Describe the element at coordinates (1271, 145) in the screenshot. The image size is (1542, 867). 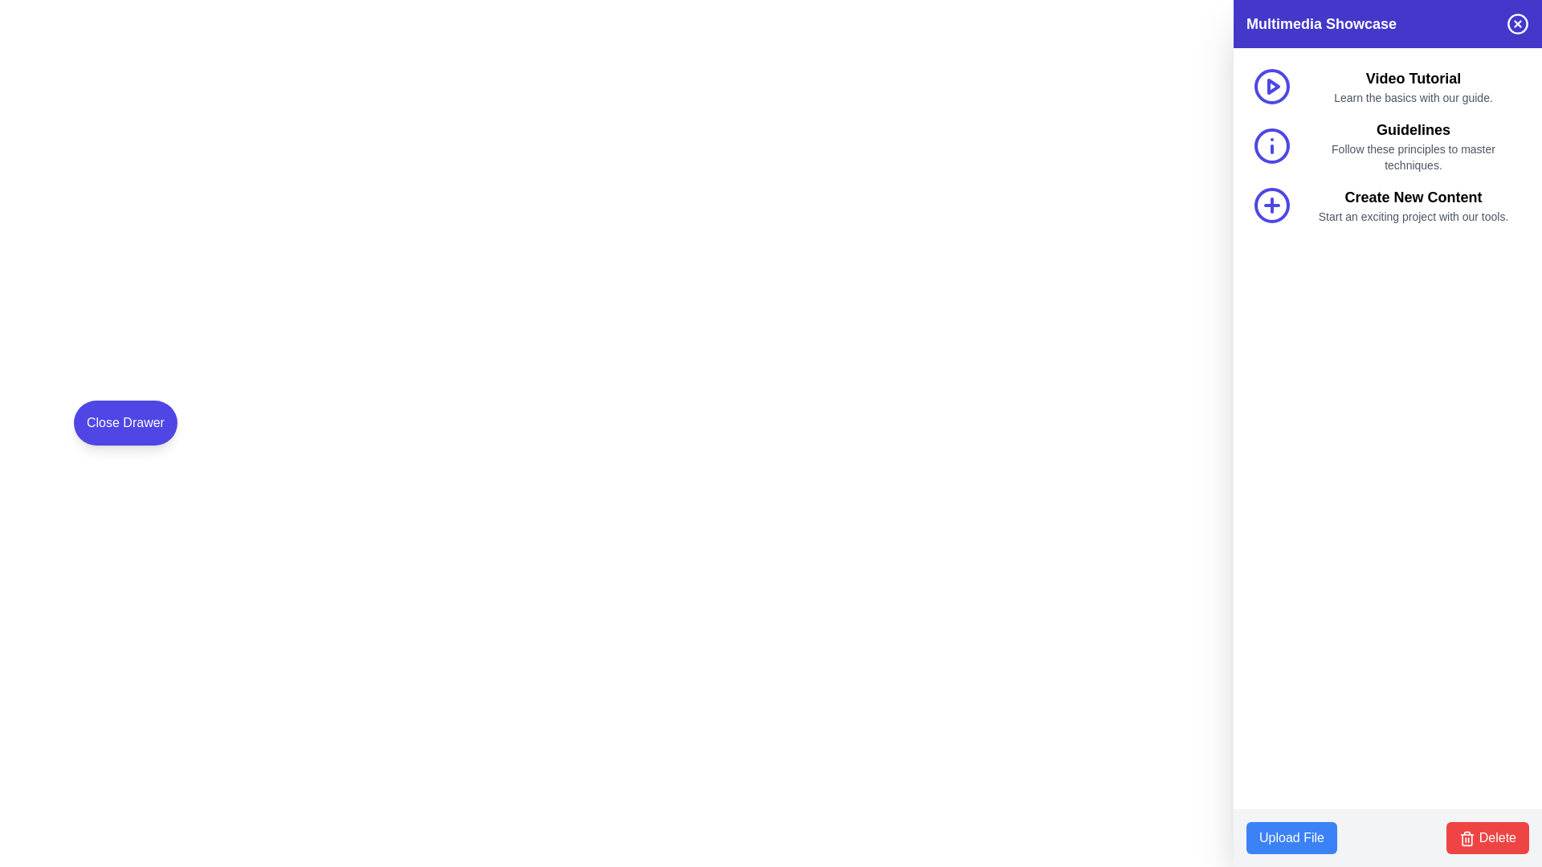
I see `the blue circular outline of the information icon located in the 'Guidelines' section of the right sidebar` at that location.